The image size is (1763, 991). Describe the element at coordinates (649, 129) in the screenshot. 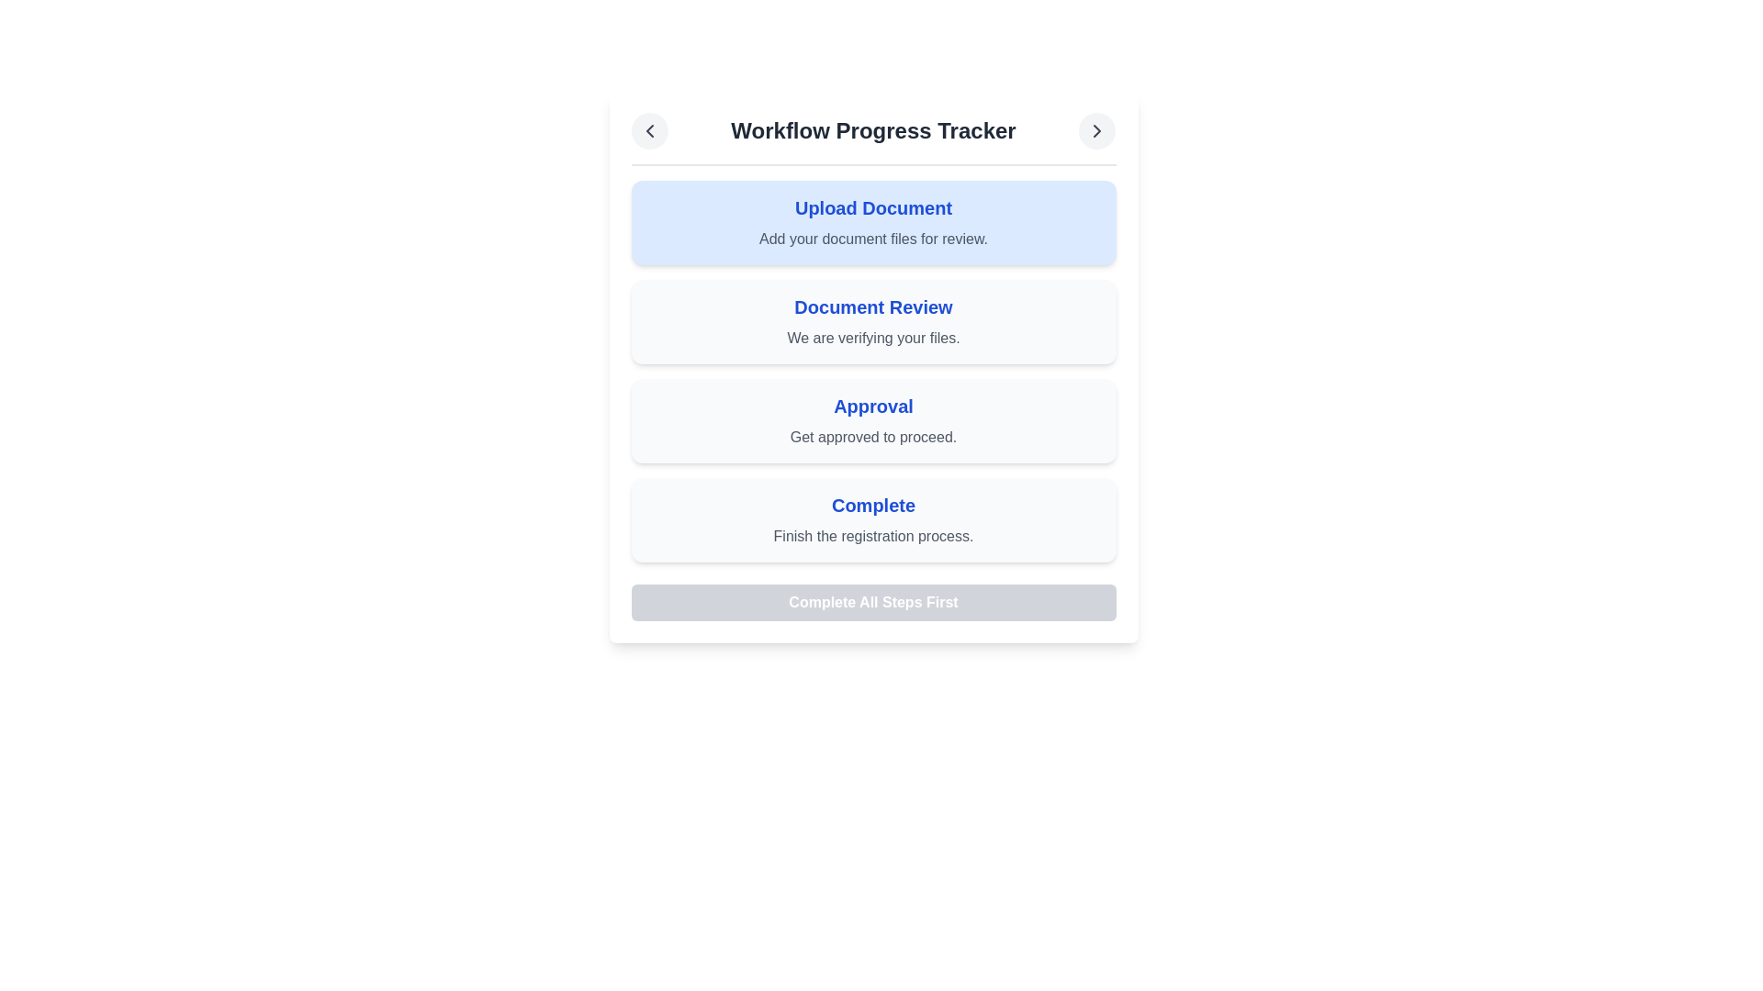

I see `the leftward-pointing chevron-shaped arrow icon located at the top-left corner of the 'Workflow Progress Tracker' section` at that location.